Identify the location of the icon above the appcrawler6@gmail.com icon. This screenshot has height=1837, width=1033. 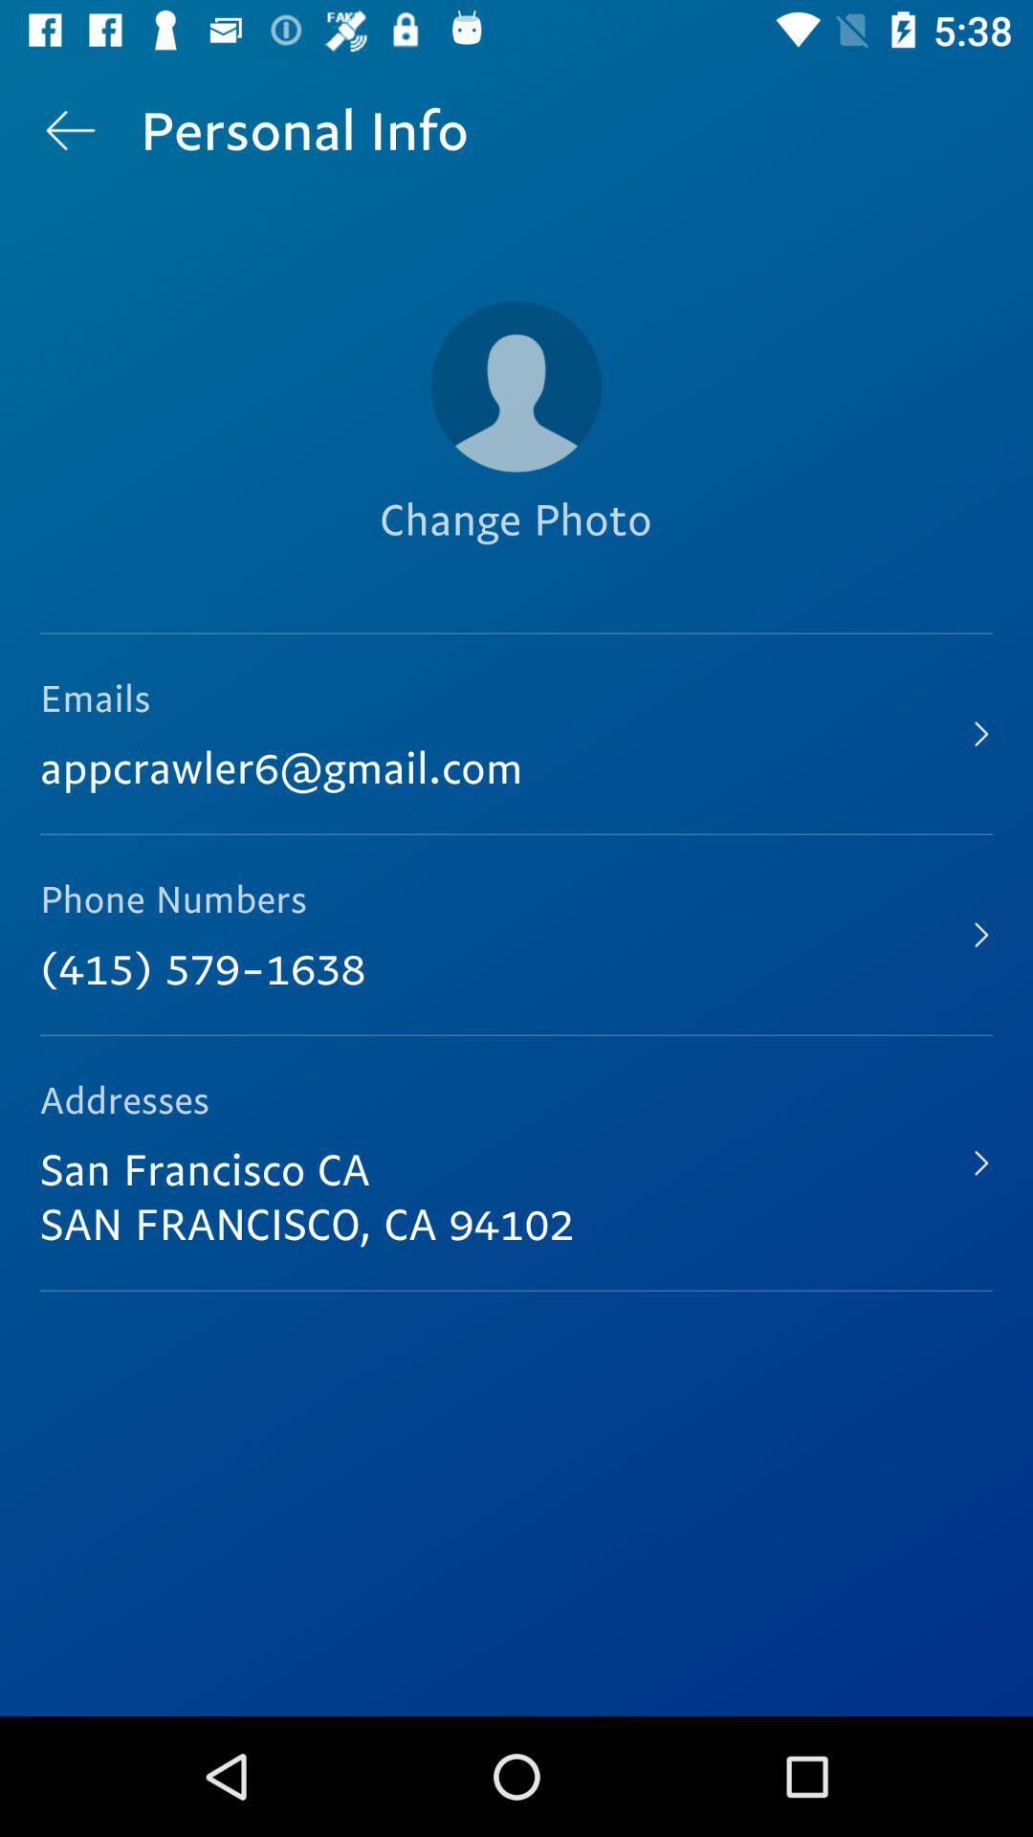
(515, 551).